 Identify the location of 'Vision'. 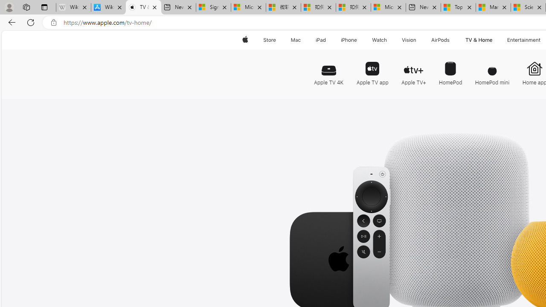
(409, 40).